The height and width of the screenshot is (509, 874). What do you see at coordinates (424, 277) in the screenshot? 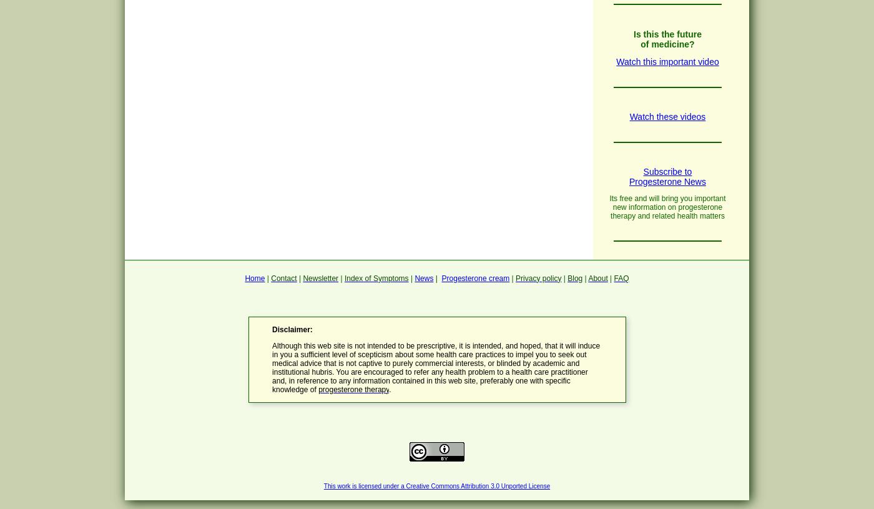
I see `'News'` at bounding box center [424, 277].